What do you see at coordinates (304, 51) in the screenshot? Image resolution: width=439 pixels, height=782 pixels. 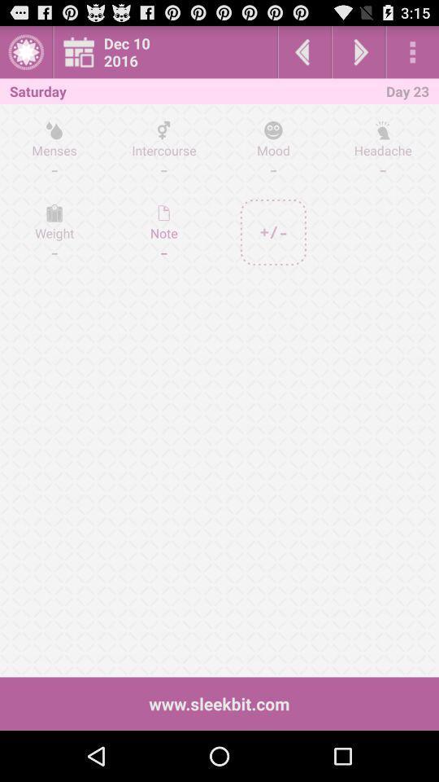 I see `previous page` at bounding box center [304, 51].